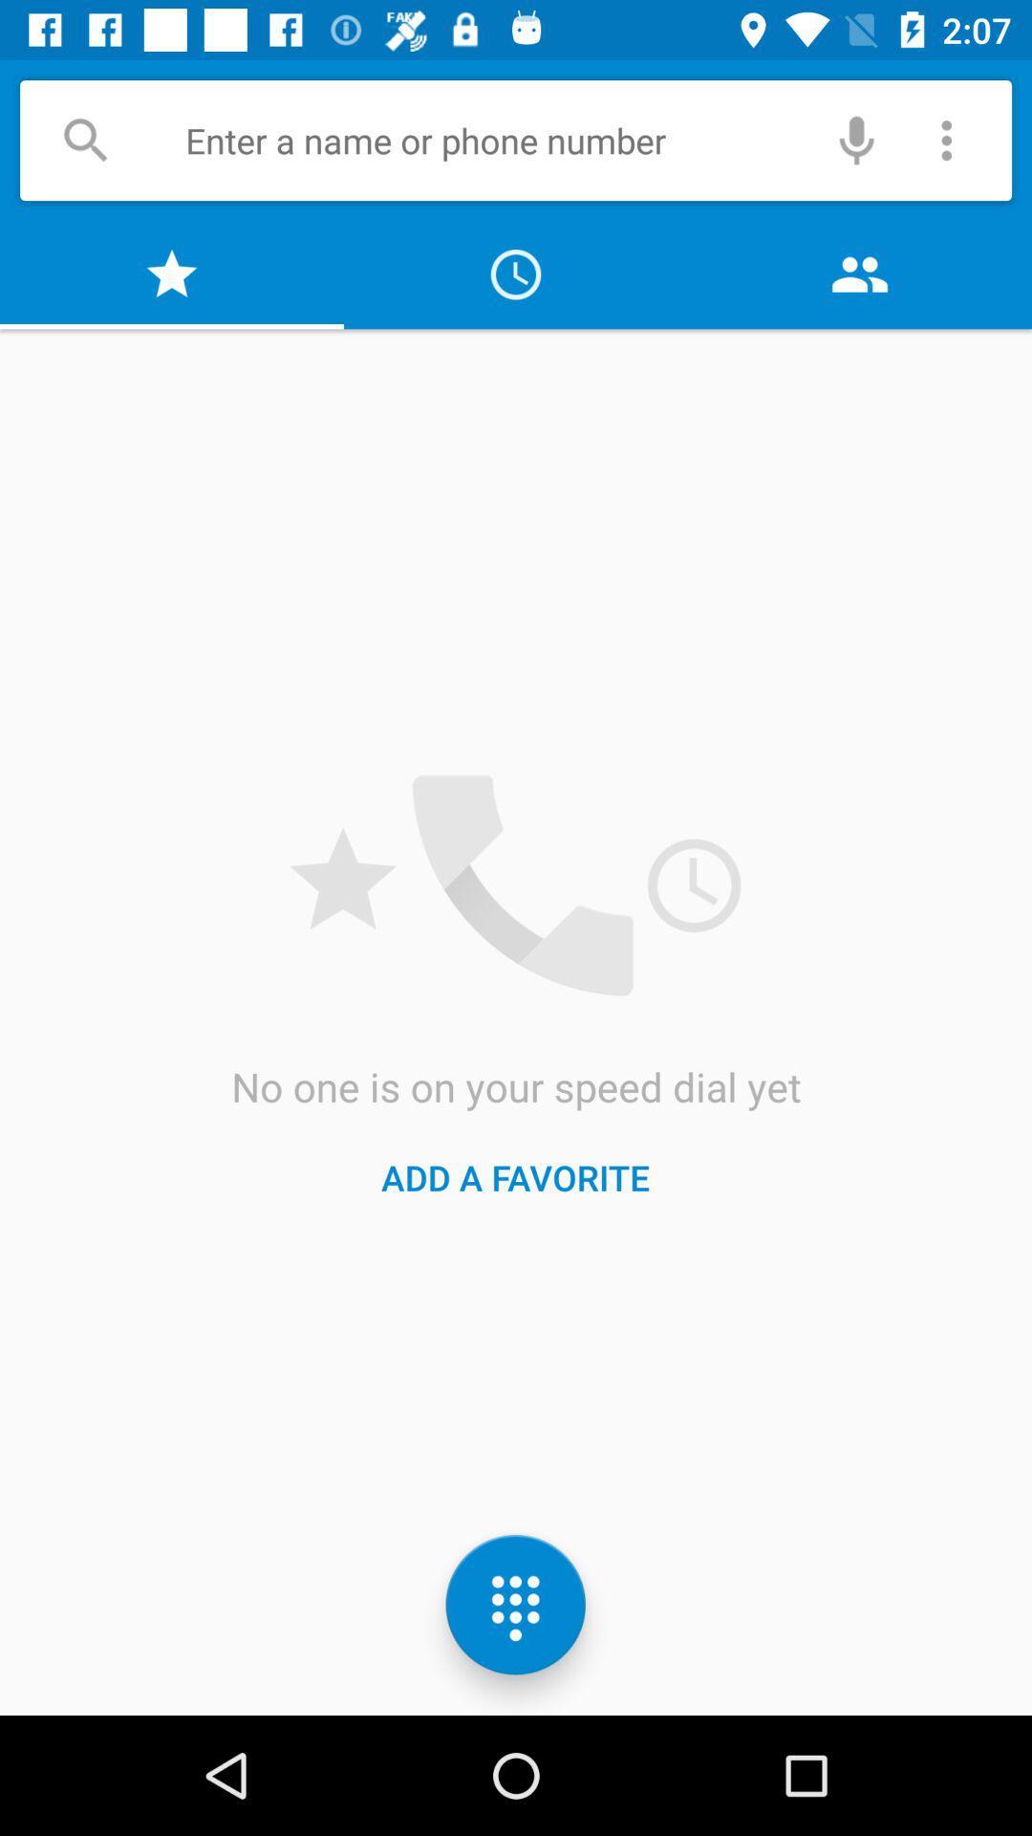 Image resolution: width=1032 pixels, height=1836 pixels. What do you see at coordinates (516, 1605) in the screenshot?
I see `the dialpad icon` at bounding box center [516, 1605].